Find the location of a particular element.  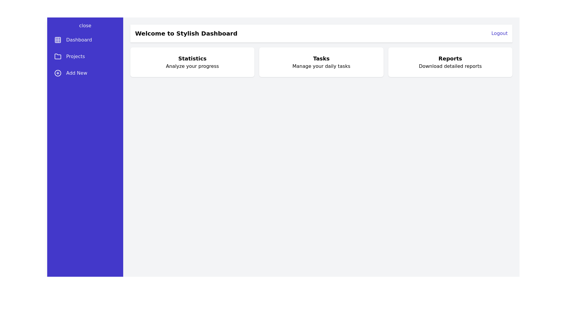

the Informative card or panel located in the first column of the grid layout for rearrangement is located at coordinates (192, 62).